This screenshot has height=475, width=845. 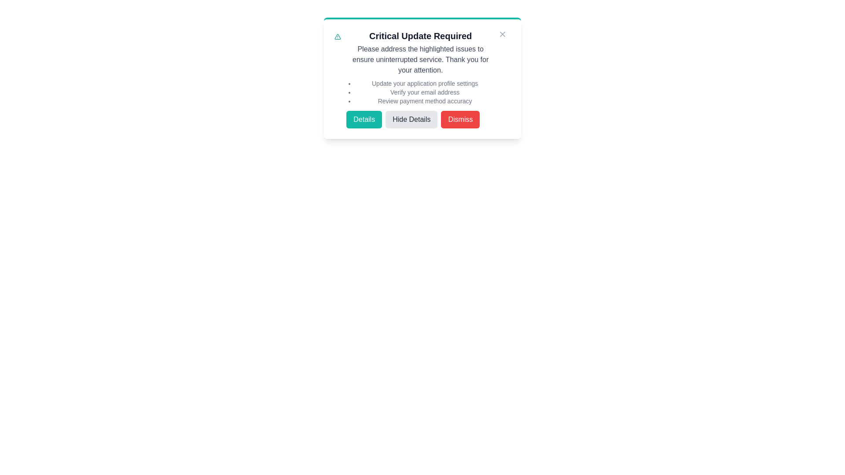 I want to click on the text block that reads 'Update your application profile settings', which is the first item in a bulleted list within a modal, so click(x=425, y=83).